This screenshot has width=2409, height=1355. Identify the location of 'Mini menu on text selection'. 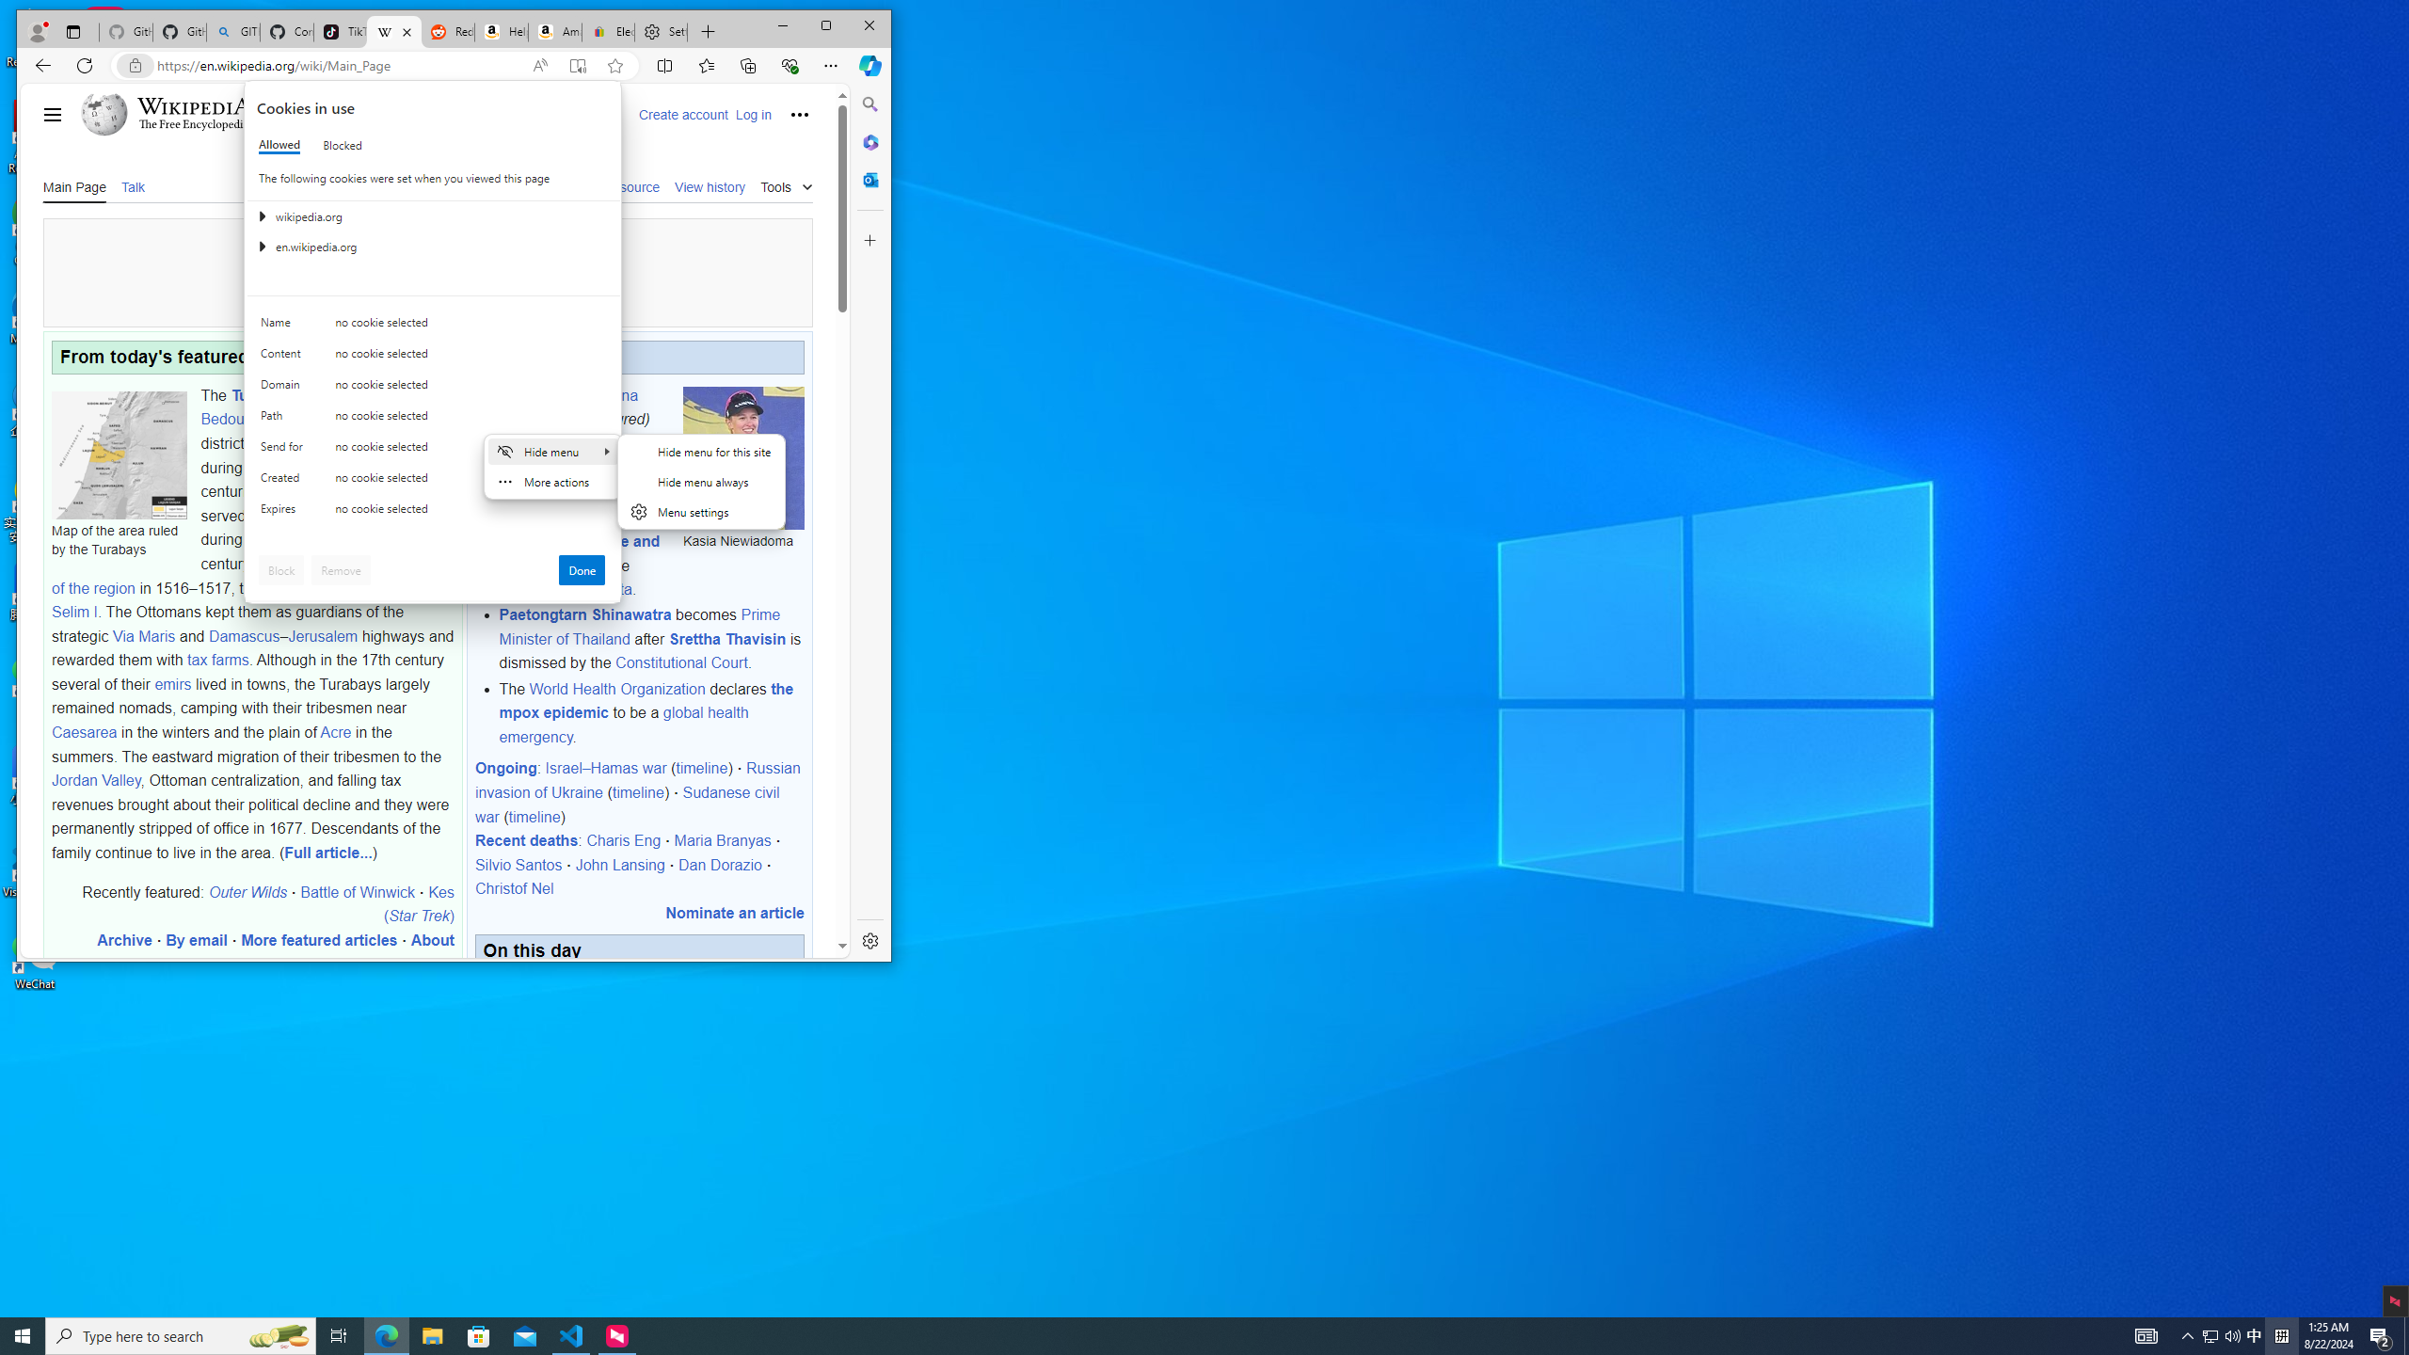
(552, 478).